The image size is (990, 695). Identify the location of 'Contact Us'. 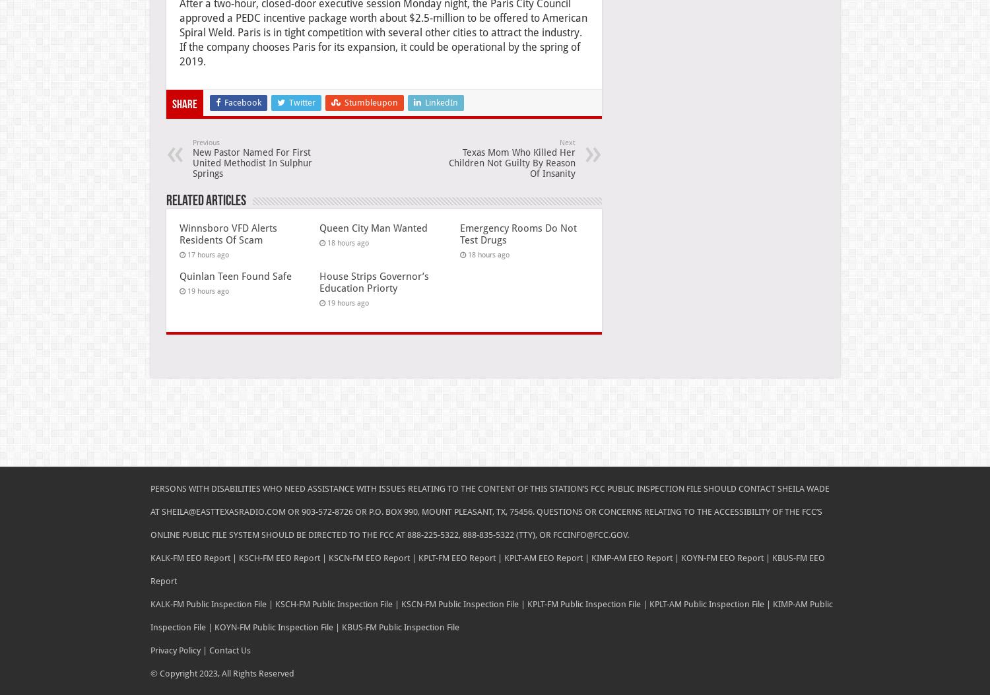
(206, 649).